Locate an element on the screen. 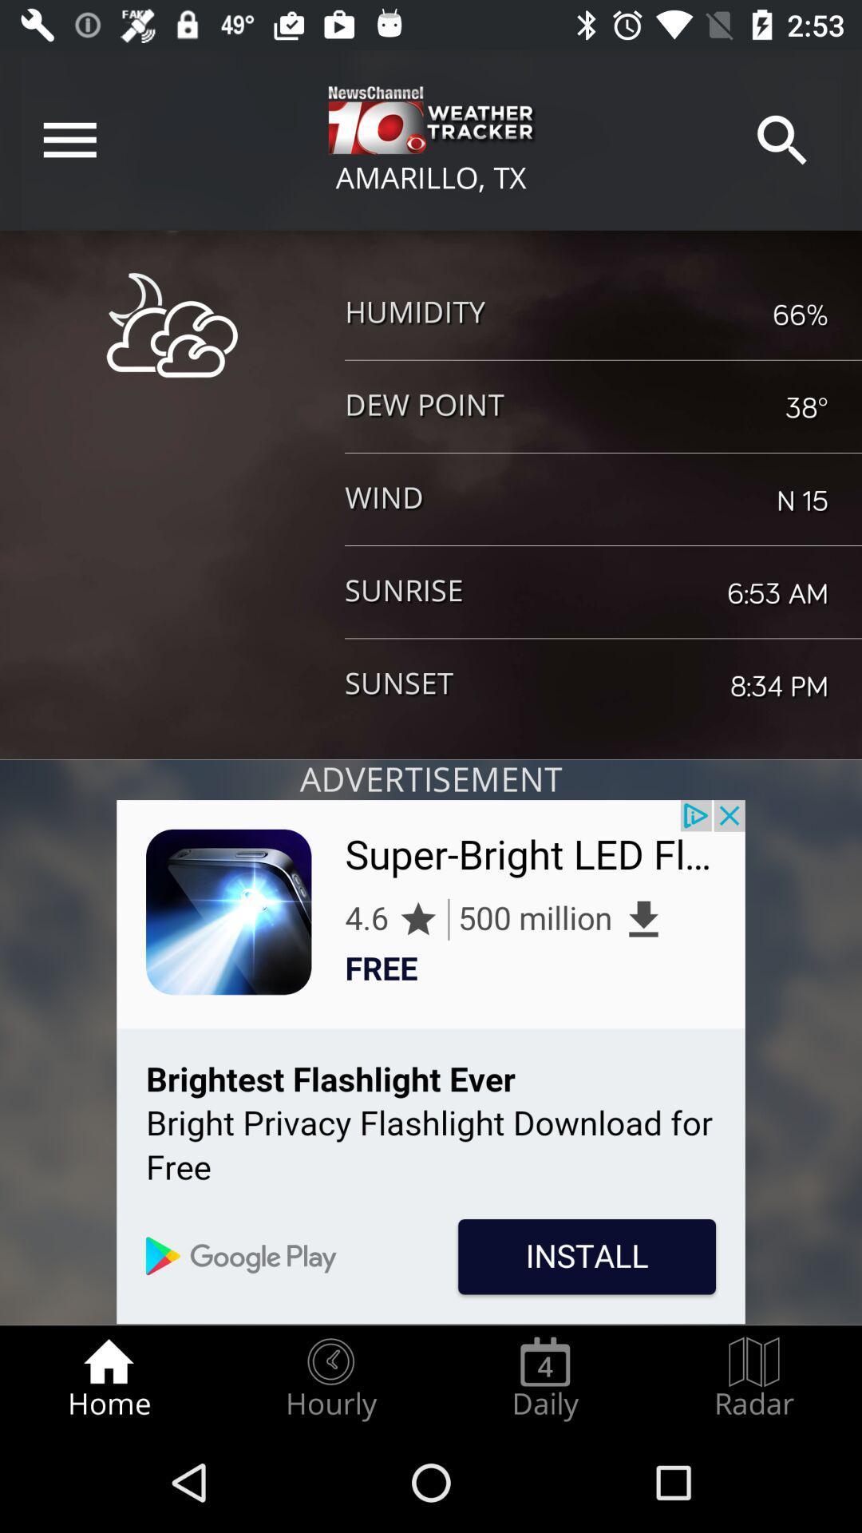 Image resolution: width=862 pixels, height=1533 pixels. the daily is located at coordinates (544, 1378).